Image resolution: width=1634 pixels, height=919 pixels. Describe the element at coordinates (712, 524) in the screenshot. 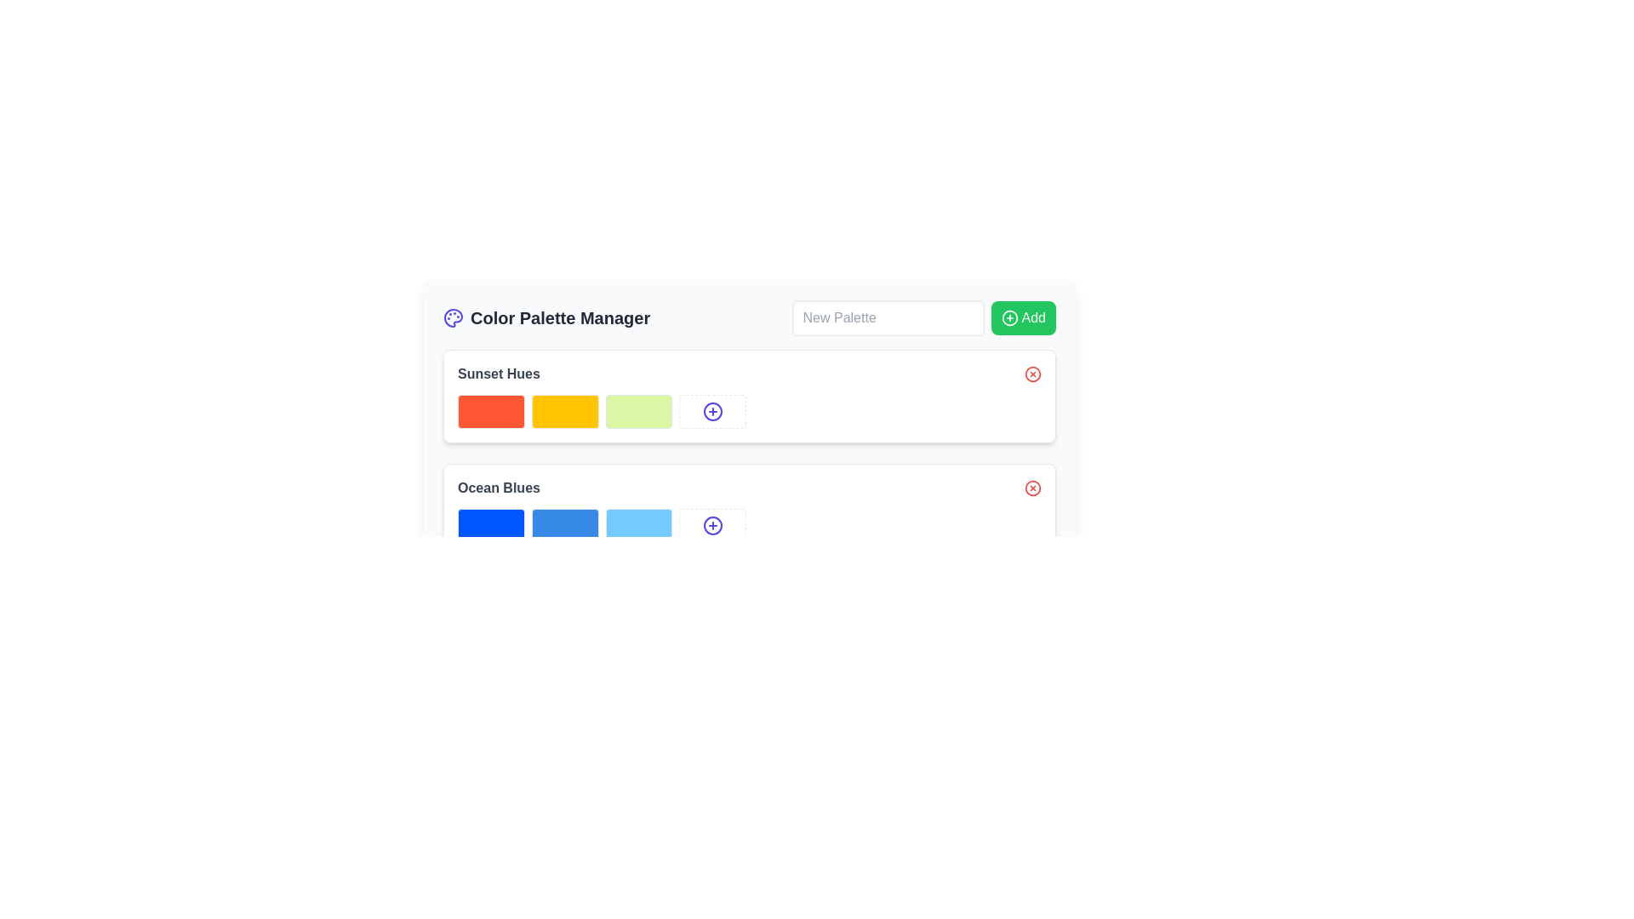

I see `the square-shaped button with a dashed border and a blue '+' in the center, located in the fourth slot of the 'Ocean Blues' section of the grid` at that location.